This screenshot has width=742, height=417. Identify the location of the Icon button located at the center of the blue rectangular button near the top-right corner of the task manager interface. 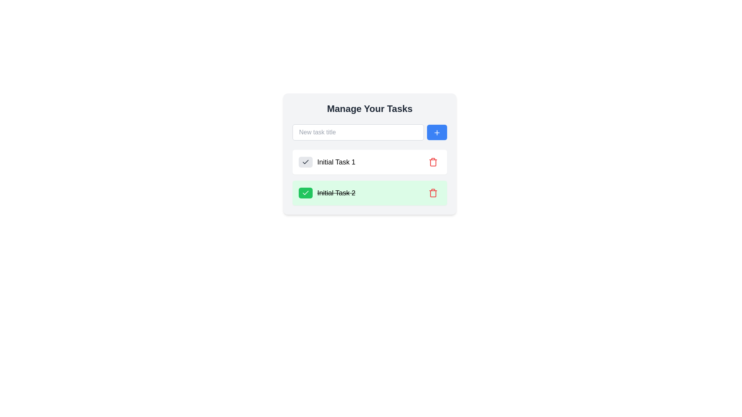
(437, 132).